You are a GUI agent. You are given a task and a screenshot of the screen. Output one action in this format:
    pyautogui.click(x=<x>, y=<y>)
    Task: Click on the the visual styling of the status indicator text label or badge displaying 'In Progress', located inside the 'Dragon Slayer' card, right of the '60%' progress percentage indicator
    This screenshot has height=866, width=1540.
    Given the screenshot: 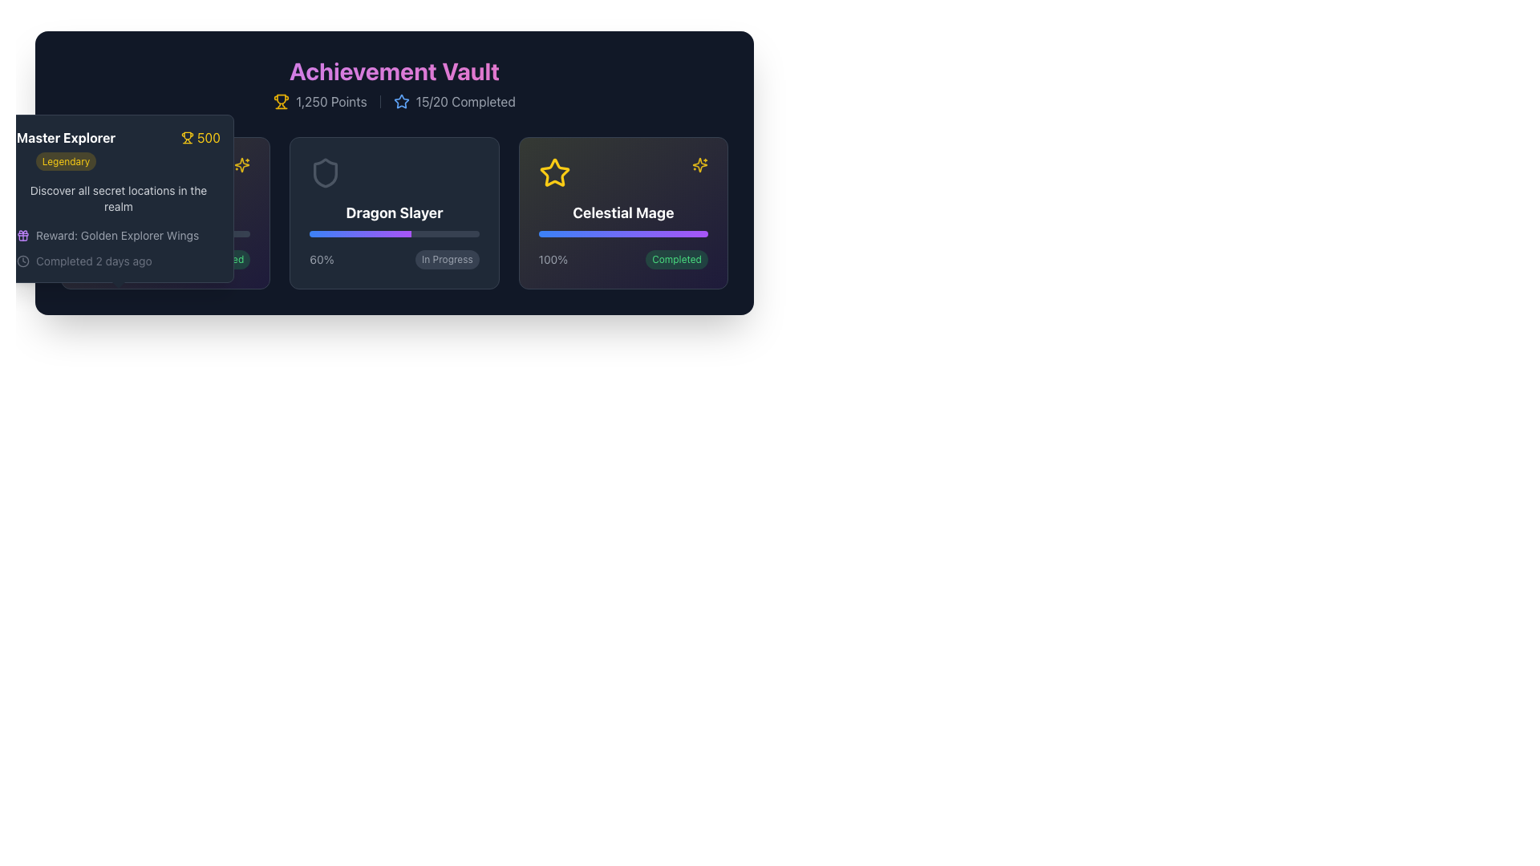 What is the action you would take?
    pyautogui.click(x=447, y=259)
    